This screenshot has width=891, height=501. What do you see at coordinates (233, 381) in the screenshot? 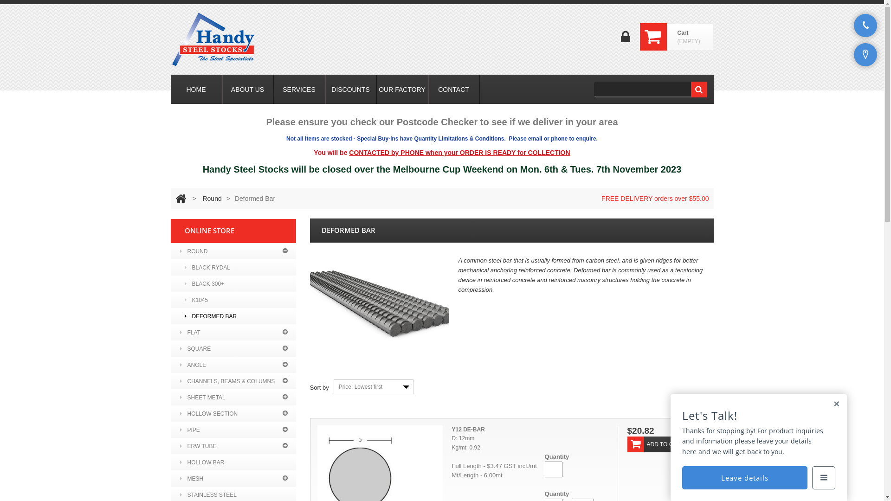
I see `'CHANNELS, BEAMS & COLUMNS'` at bounding box center [233, 381].